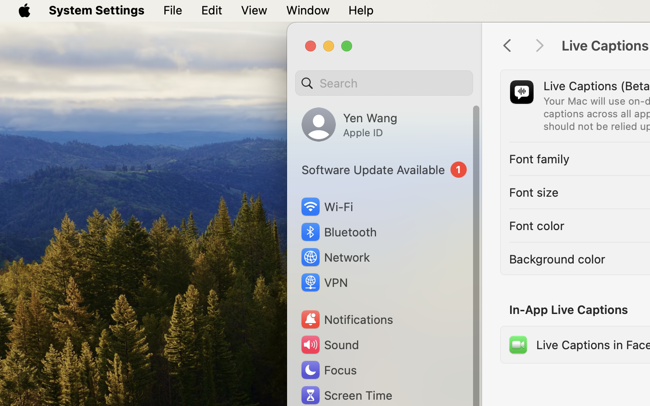  Describe the element at coordinates (323, 282) in the screenshot. I see `'VPN'` at that location.